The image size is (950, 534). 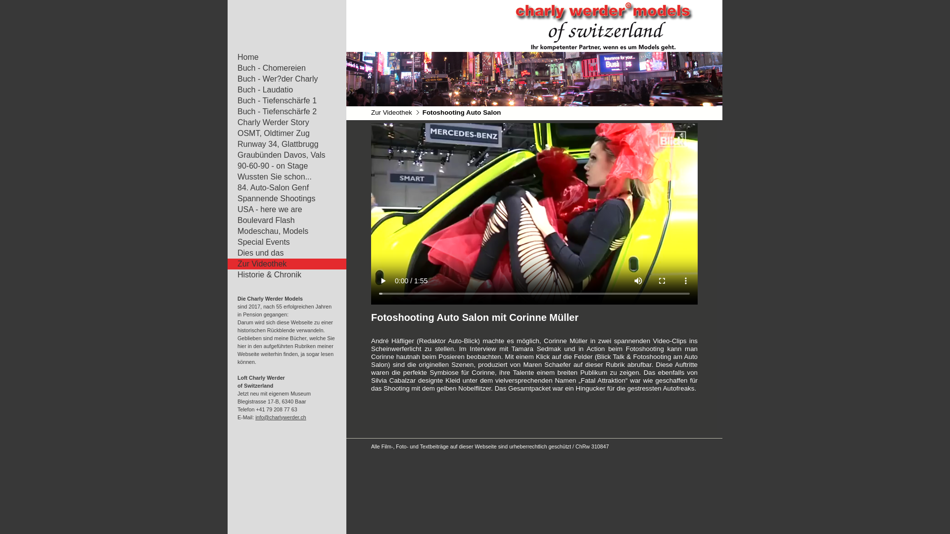 What do you see at coordinates (282, 57) in the screenshot?
I see `'Home'` at bounding box center [282, 57].